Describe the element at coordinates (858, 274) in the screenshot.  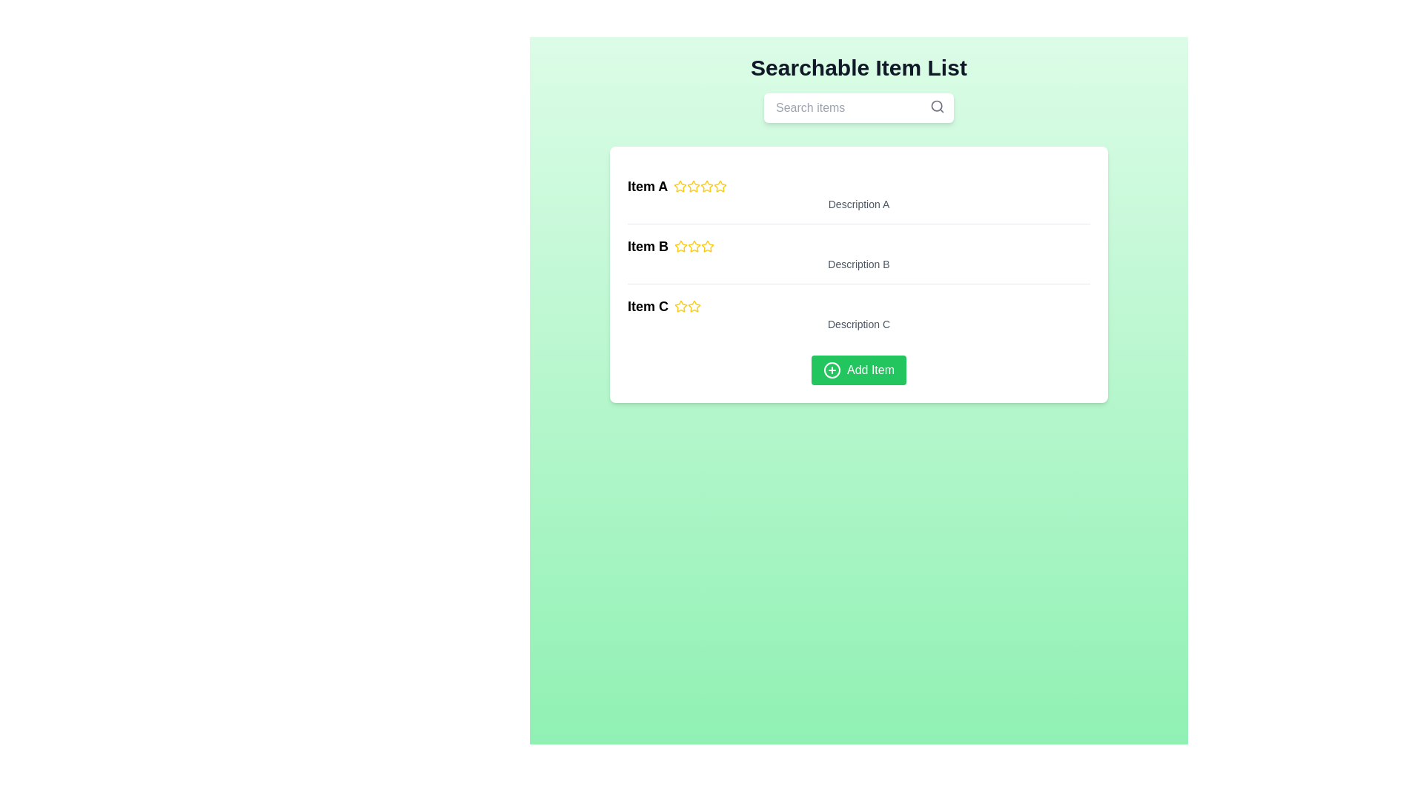
I see `the second item 'Item B' in the text display, which is organized in a vertically stacked layout with a light-themed box and white background` at that location.